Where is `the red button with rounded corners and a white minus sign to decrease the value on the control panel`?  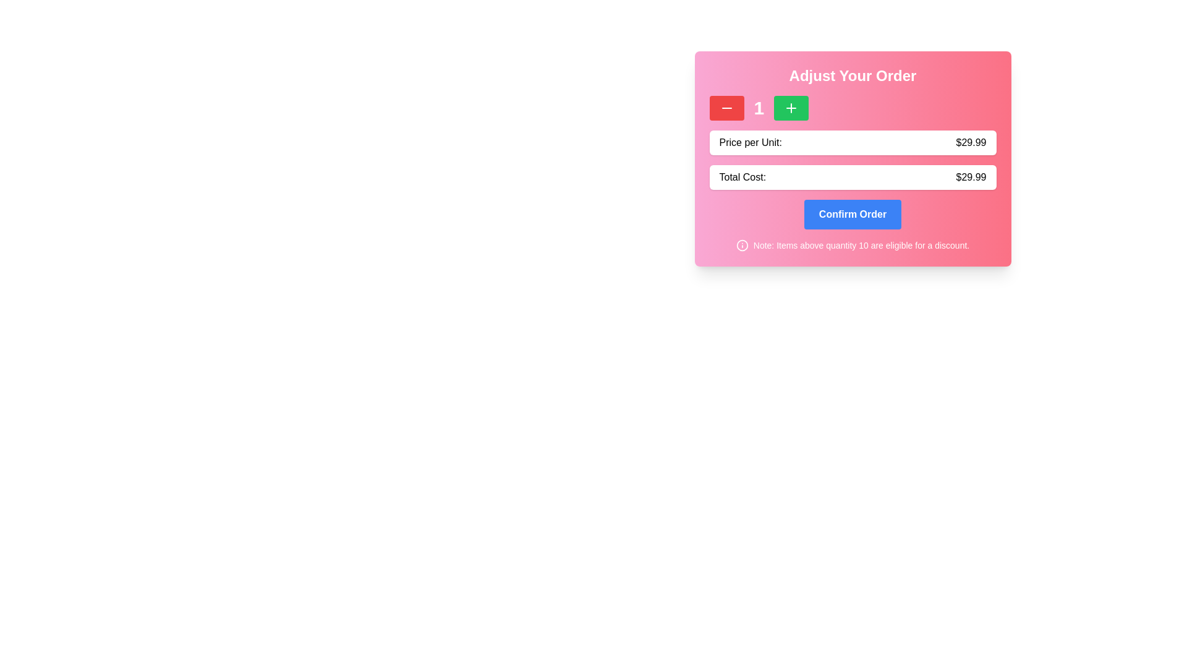 the red button with rounded corners and a white minus sign to decrease the value on the control panel is located at coordinates (726, 107).